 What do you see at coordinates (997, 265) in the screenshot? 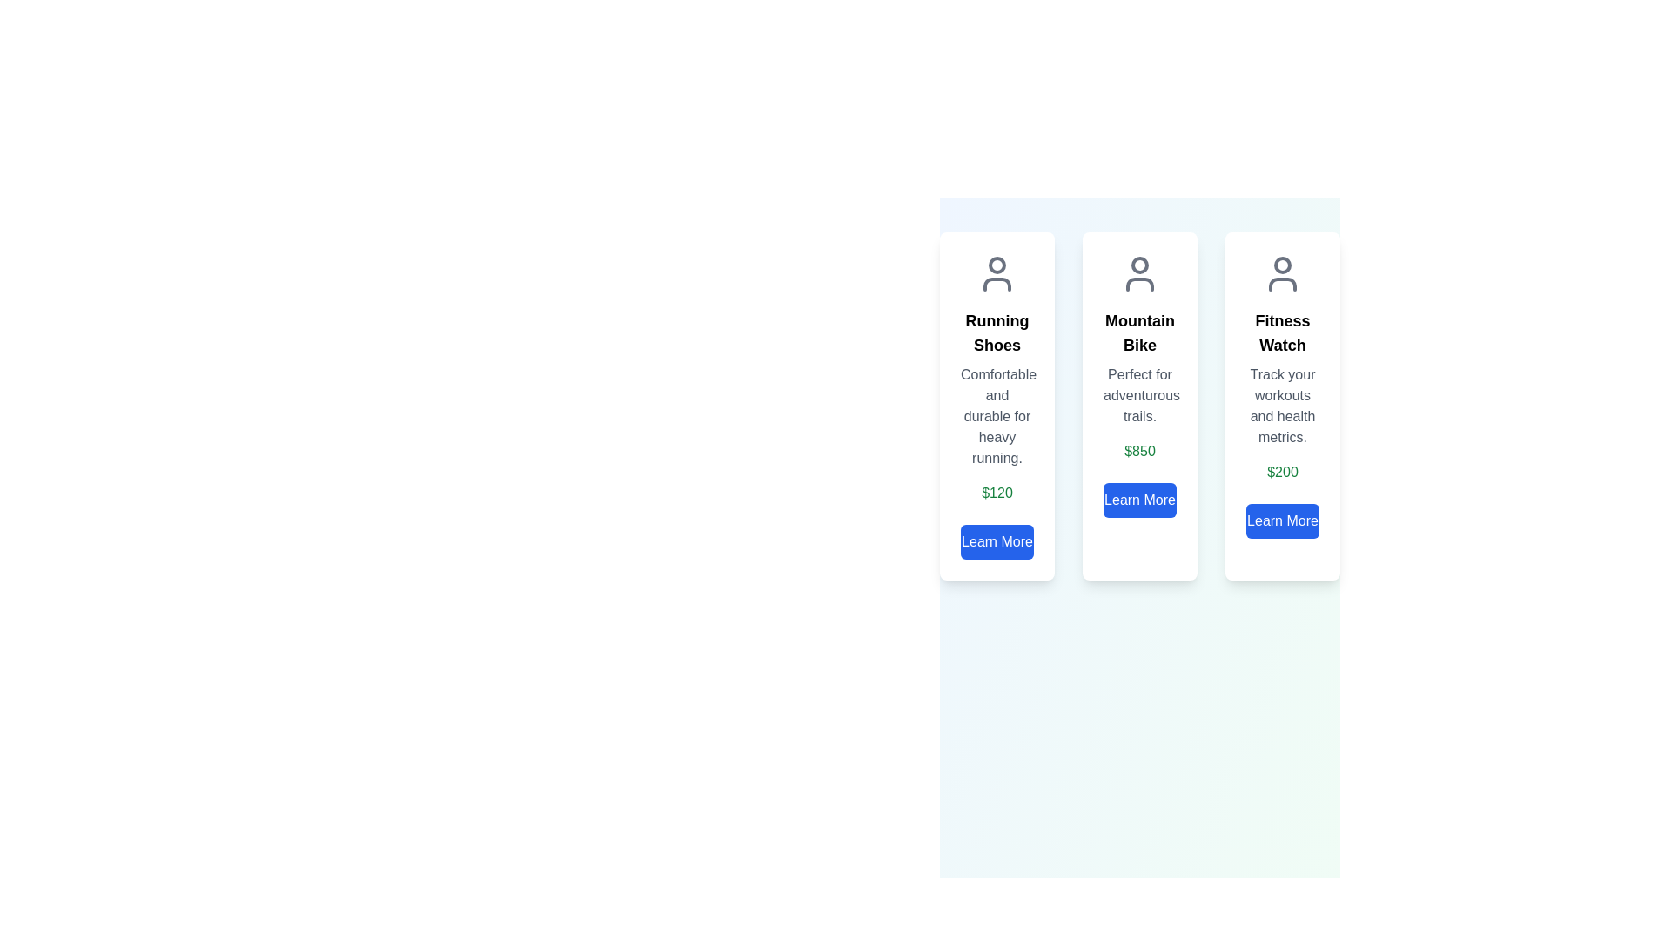
I see `the decorative SVG circle element located in the leftmost card of a horizontally arranged set of three cards, positioned at the top of the card and above a semicircular curve graphic` at bounding box center [997, 265].